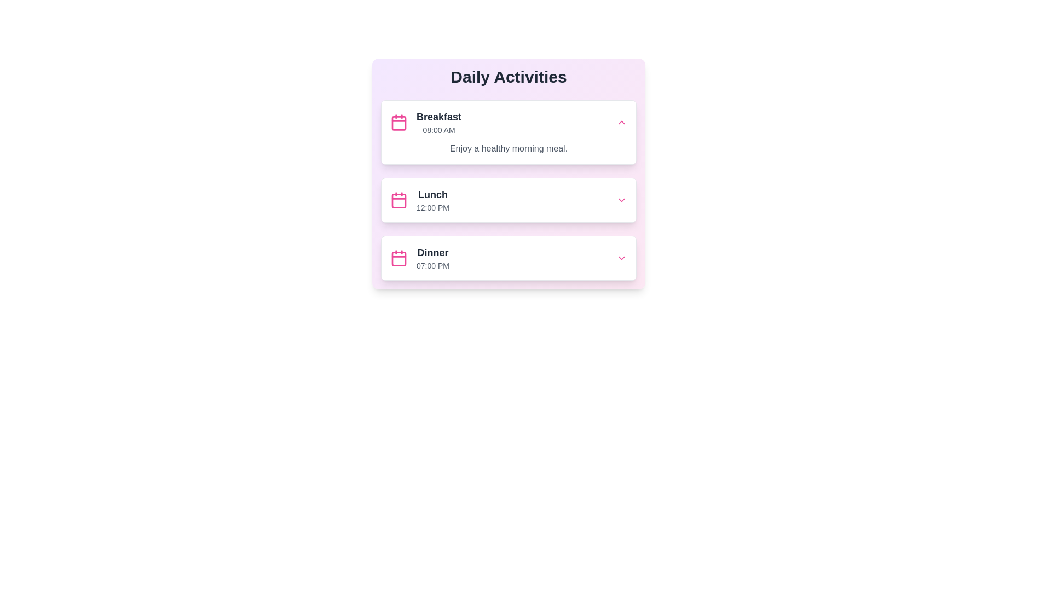  I want to click on the scheduled activity labeled 'Lunch' at 12:00 PM, so click(508, 200).